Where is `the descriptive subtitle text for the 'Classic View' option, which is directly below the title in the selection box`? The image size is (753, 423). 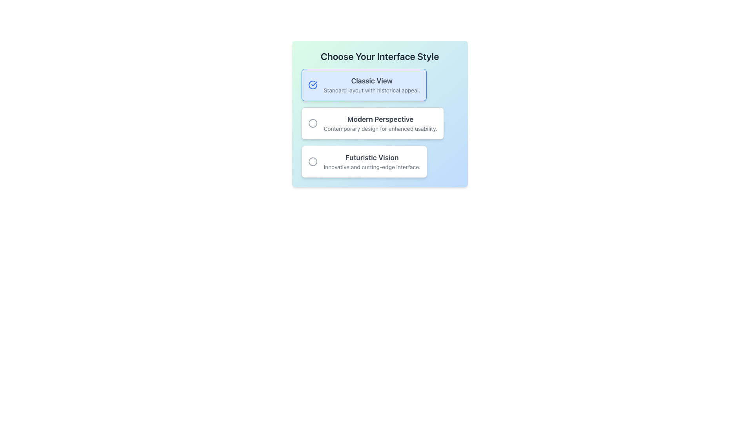
the descriptive subtitle text for the 'Classic View' option, which is directly below the title in the selection box is located at coordinates (371, 90).